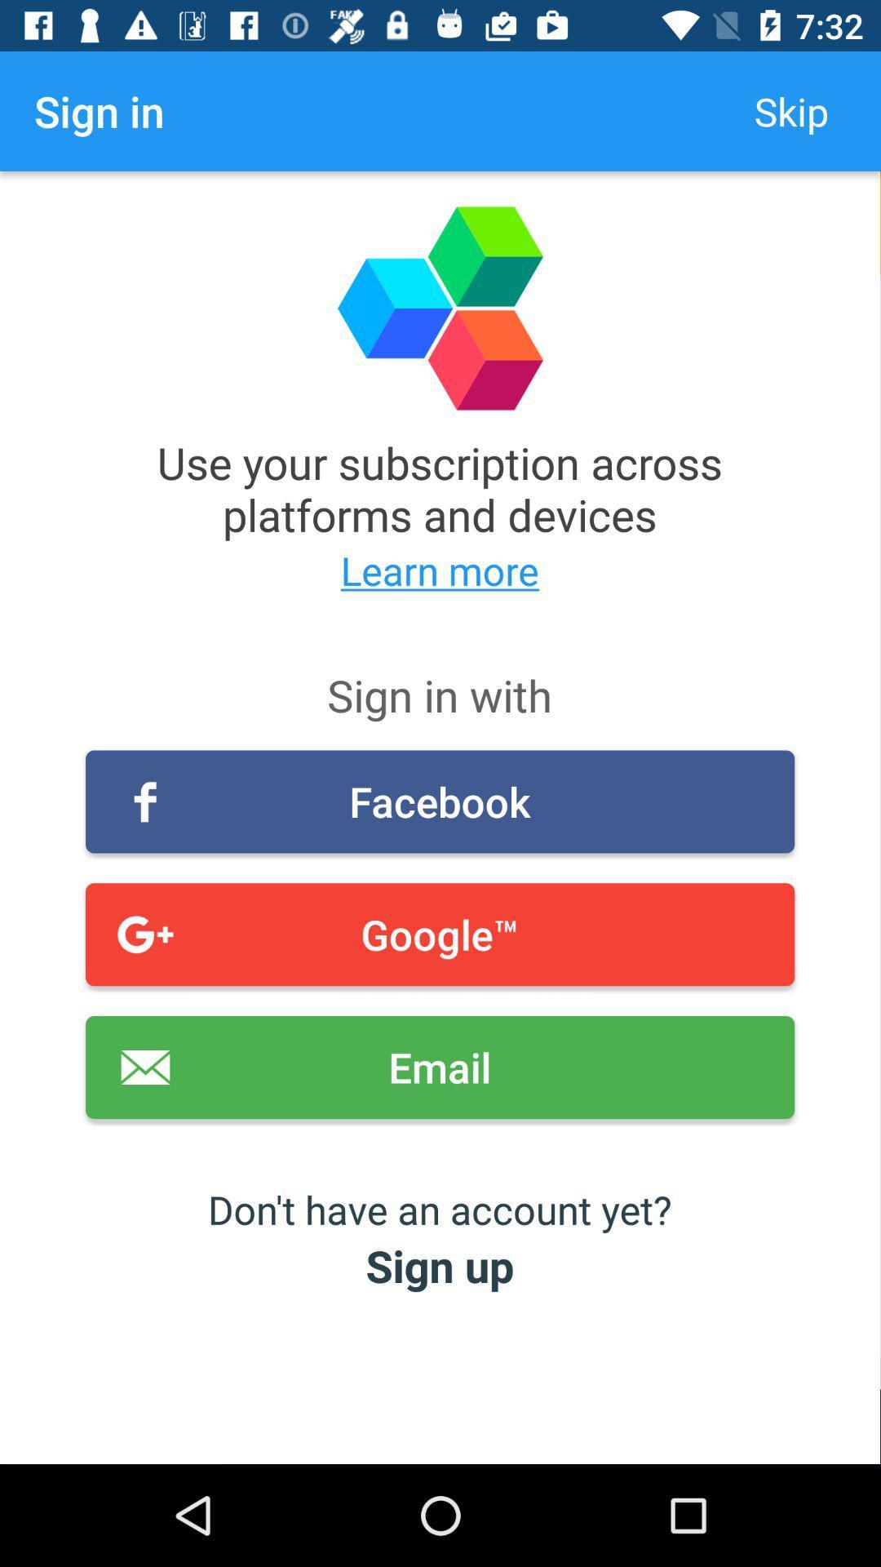 The width and height of the screenshot is (881, 1567). I want to click on item next to sign in icon, so click(790, 110).